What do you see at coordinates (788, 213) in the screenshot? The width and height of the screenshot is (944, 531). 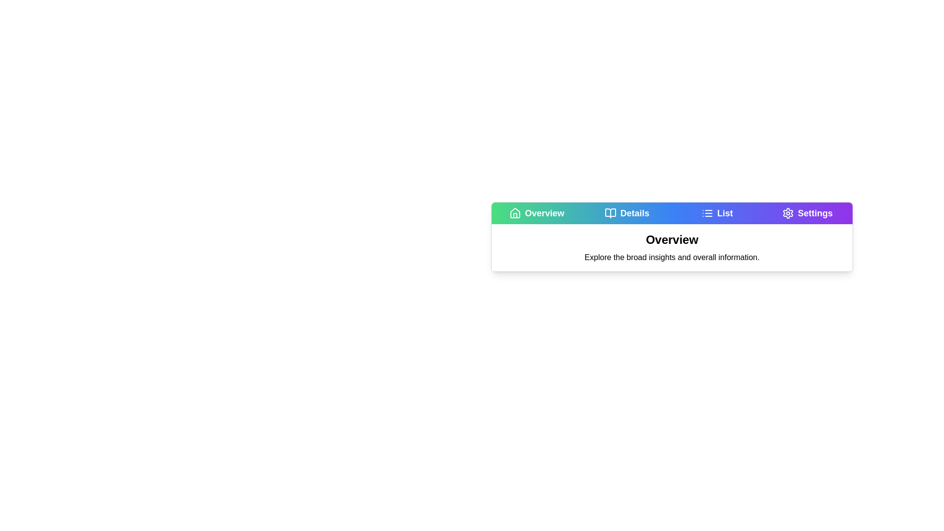 I see `the gear-like settings icon in the top-right corner` at bounding box center [788, 213].